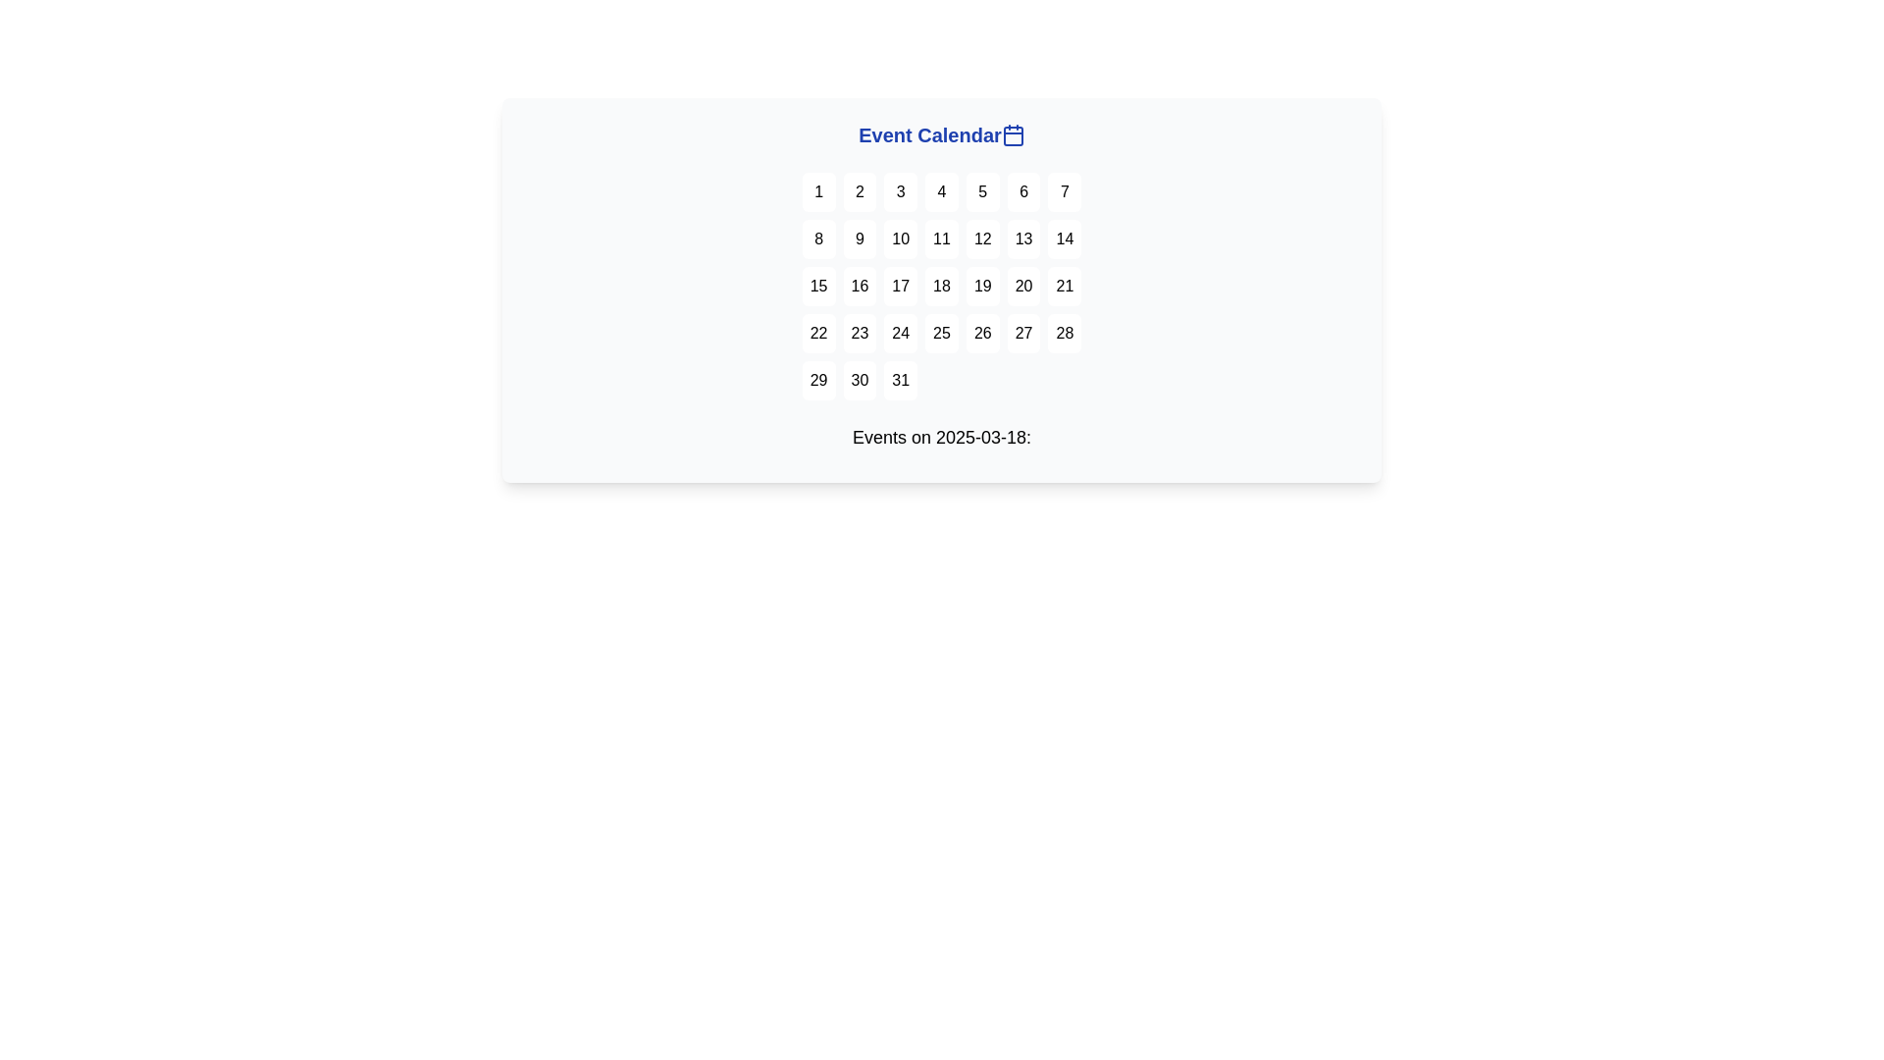 This screenshot has height=1060, width=1884. I want to click on the button labeled '16' in the calendar grid, so click(860, 287).